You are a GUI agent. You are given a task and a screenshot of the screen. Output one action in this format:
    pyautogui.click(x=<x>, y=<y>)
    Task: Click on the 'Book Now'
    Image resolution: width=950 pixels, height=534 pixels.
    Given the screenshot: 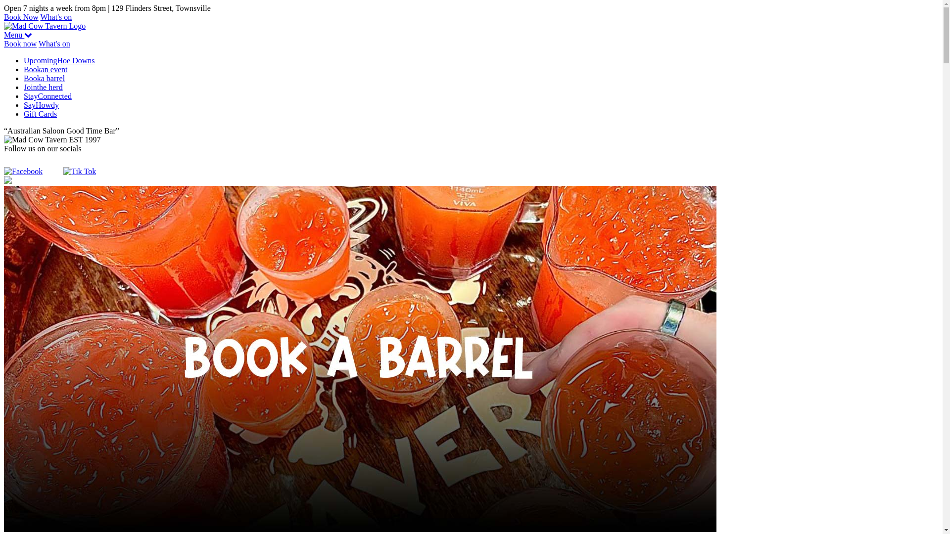 What is the action you would take?
    pyautogui.click(x=21, y=17)
    